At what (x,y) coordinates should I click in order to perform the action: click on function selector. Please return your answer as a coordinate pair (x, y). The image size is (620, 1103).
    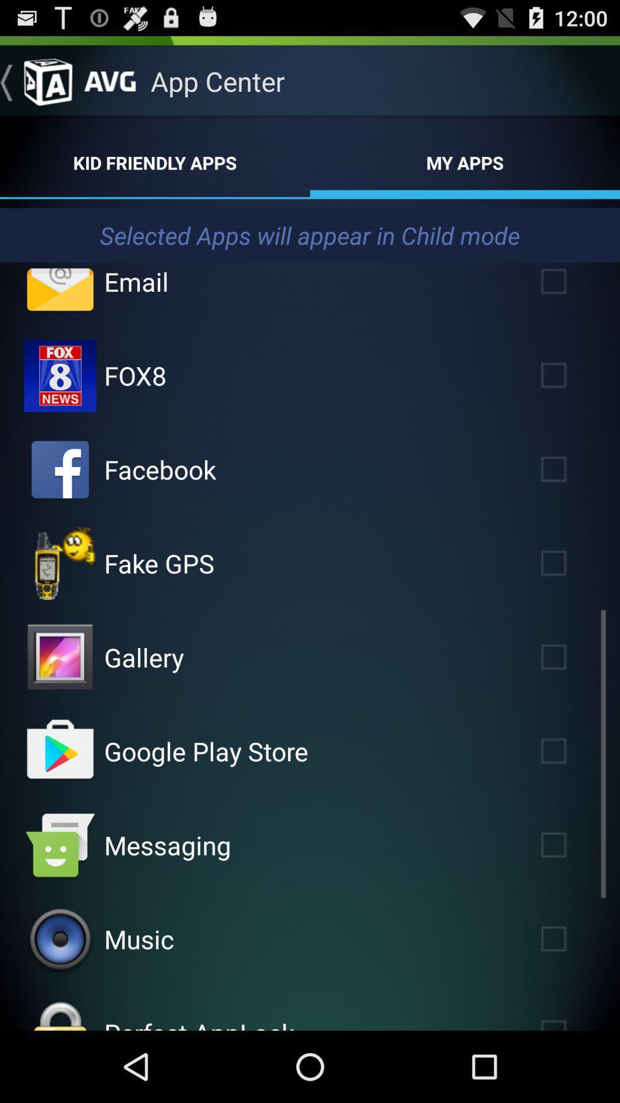
    Looking at the image, I should click on (570, 375).